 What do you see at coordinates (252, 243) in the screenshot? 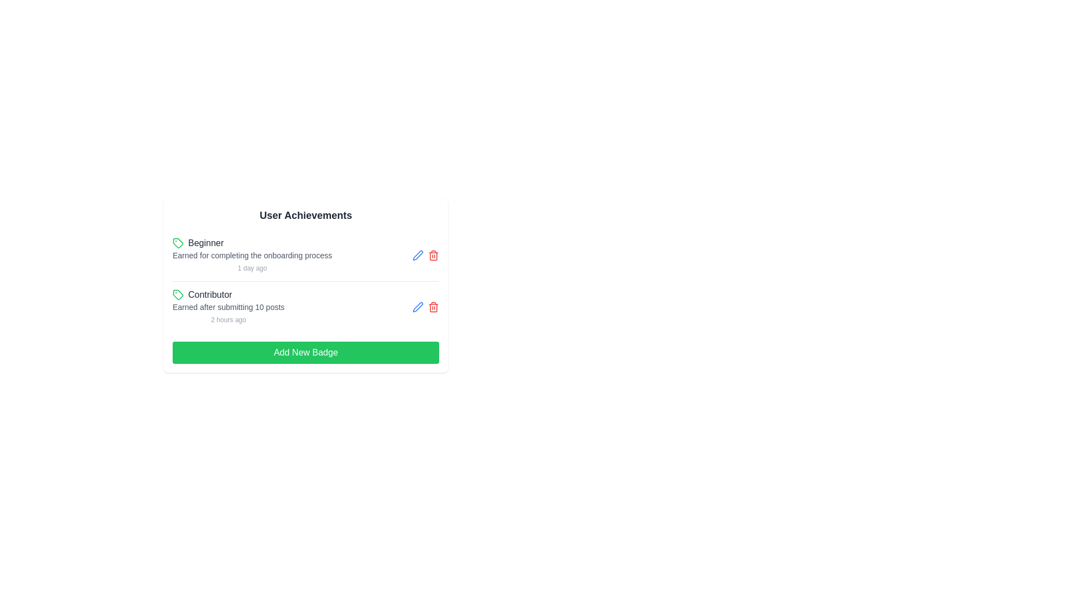
I see `the text displayed on the 'Beginner' badge, which is a green tag icon followed by the bold text 'Beginner' located at the top of the User Achievements list` at bounding box center [252, 243].